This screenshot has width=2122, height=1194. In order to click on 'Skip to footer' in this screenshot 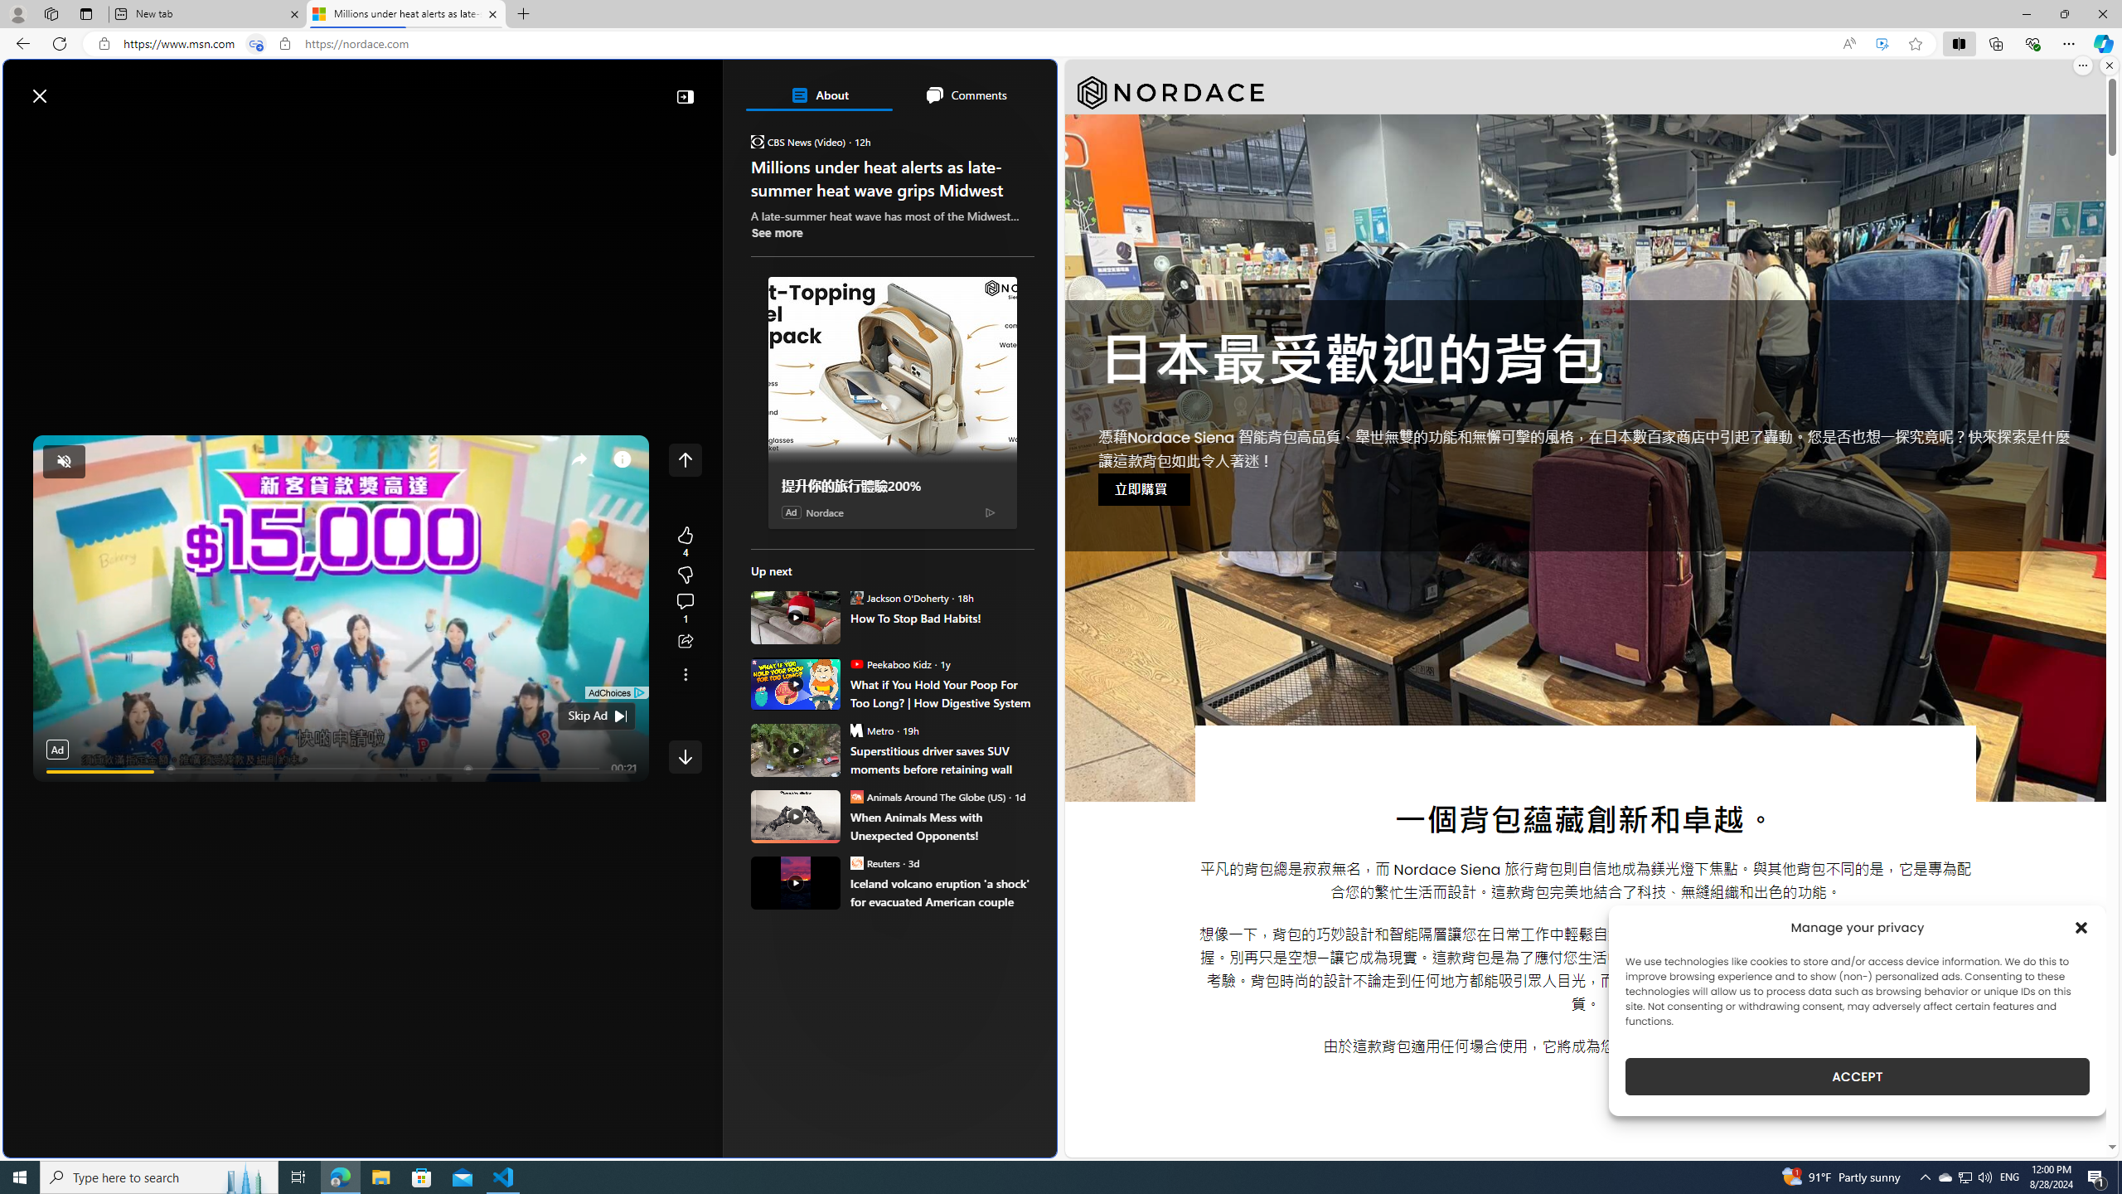, I will do `click(67, 86)`.